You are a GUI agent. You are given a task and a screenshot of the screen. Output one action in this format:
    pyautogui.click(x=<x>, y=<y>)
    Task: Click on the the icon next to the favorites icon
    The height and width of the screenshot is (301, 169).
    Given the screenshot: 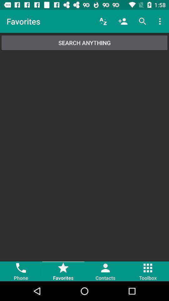 What is the action you would take?
    pyautogui.click(x=103, y=21)
    